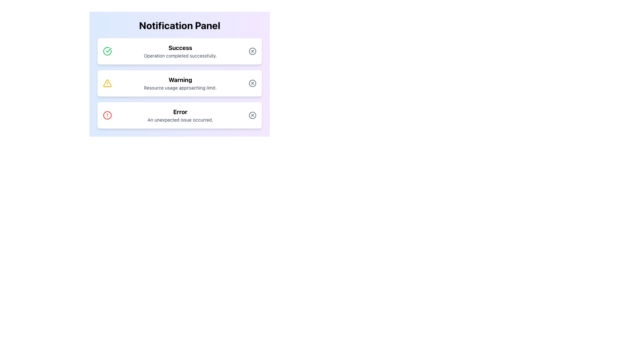 Image resolution: width=629 pixels, height=353 pixels. I want to click on the circular gray button with a cross in the center located in the bottom right corner of the error notification card, so click(252, 115).